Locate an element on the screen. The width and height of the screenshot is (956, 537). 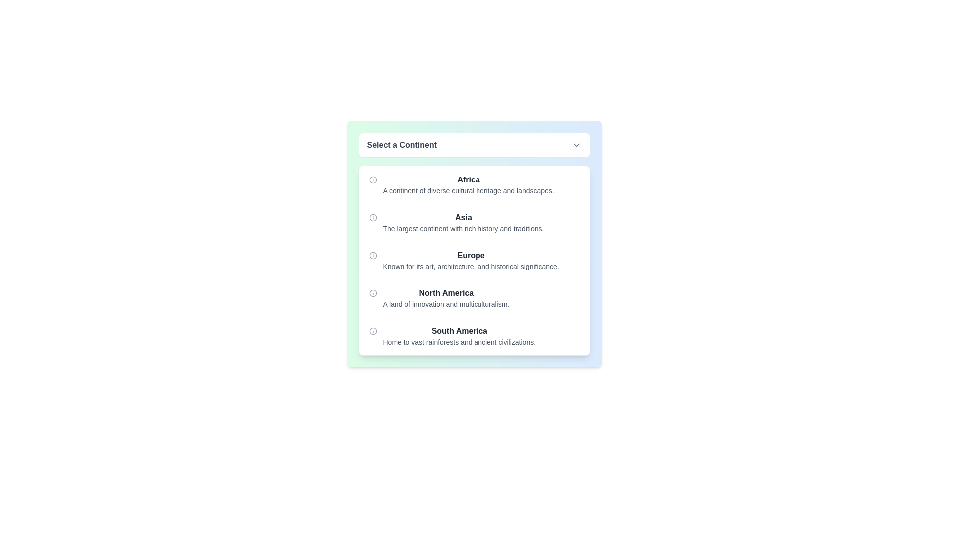
the circular information icon with a stylized 'i' inside, located to the left of the title text 'Asia' is located at coordinates (372, 217).